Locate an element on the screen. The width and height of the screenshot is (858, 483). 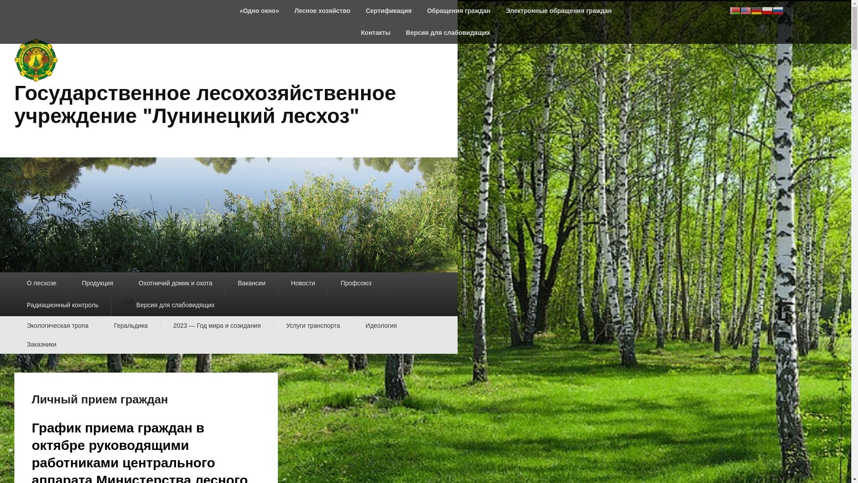
'German' is located at coordinates (751, 10).